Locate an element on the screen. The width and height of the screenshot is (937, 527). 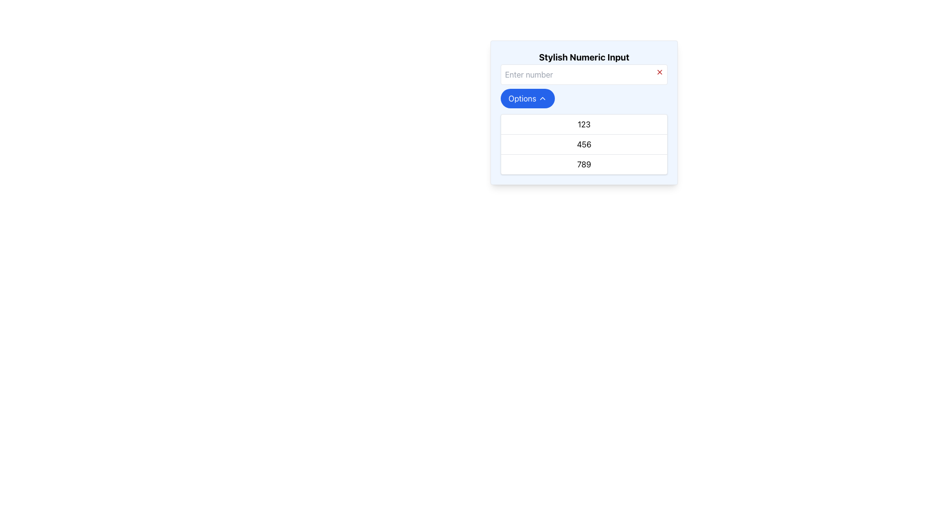
the third option in the dropdown menu is located at coordinates (584, 163).